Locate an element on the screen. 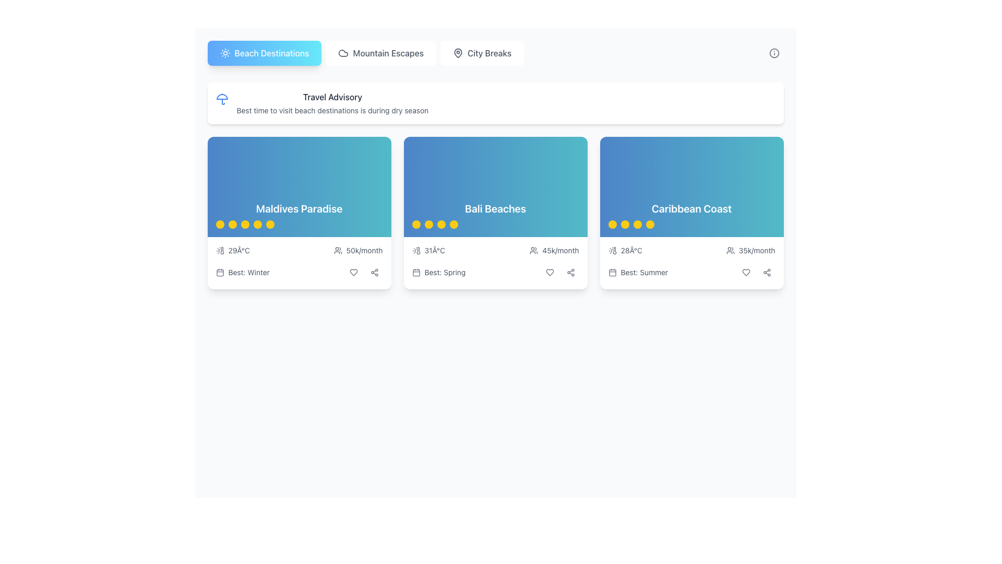  the minimalistic vertical thermometer icon with a rounded bulb, located at the bottom left of the second card, adjacent to the temperature indicator text is located at coordinates (418, 250).